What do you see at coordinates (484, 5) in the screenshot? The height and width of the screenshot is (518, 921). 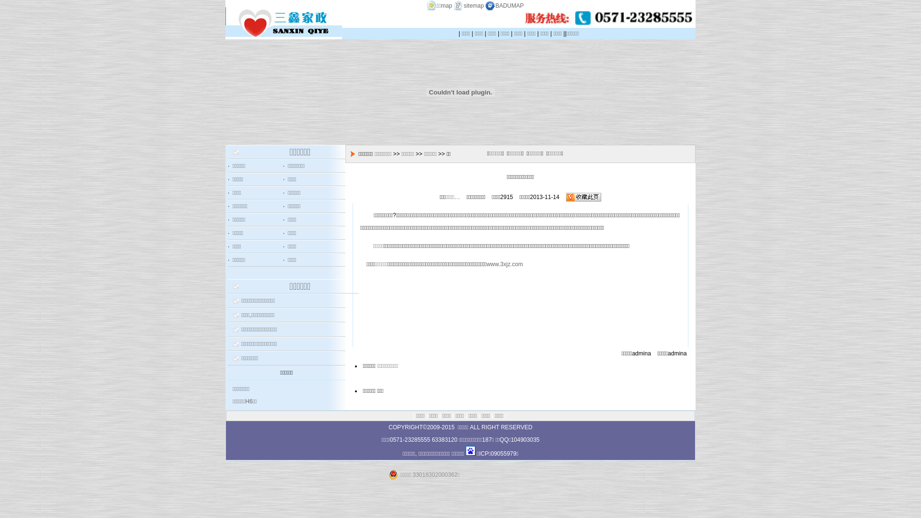 I see `'BADUMAP'` at bounding box center [484, 5].